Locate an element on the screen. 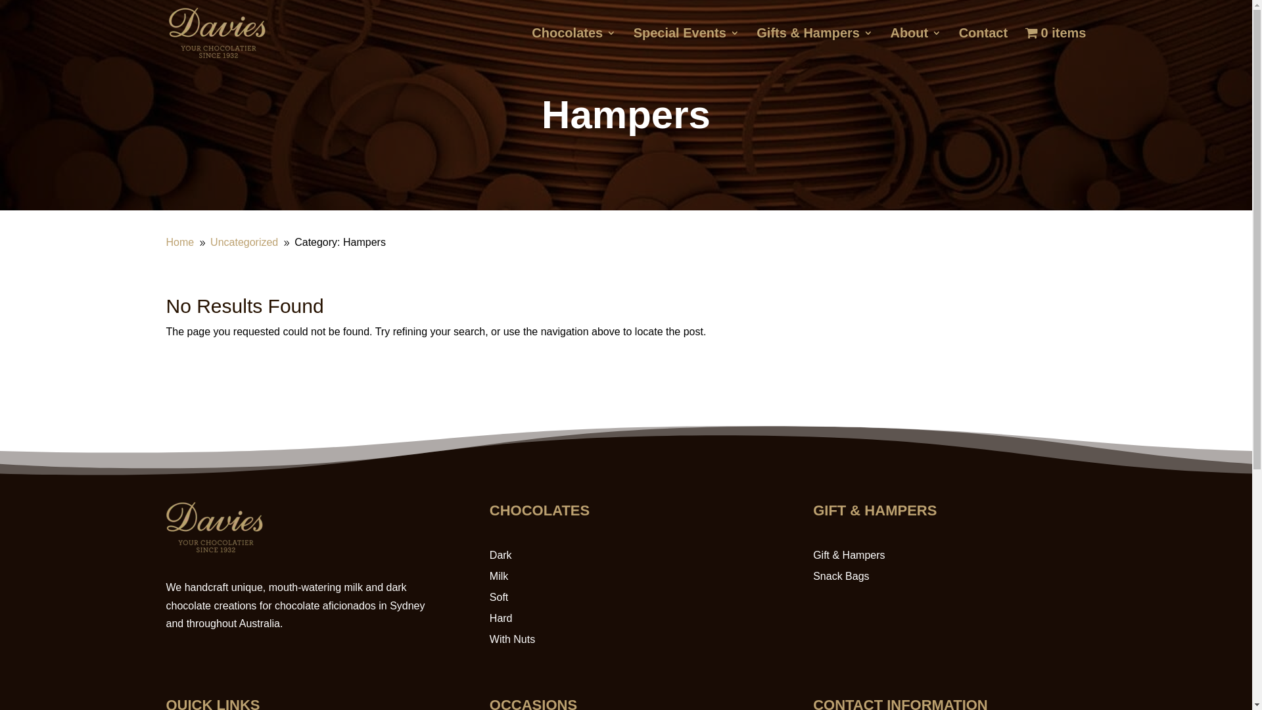 The width and height of the screenshot is (1262, 710). '0 items' is located at coordinates (1056, 45).